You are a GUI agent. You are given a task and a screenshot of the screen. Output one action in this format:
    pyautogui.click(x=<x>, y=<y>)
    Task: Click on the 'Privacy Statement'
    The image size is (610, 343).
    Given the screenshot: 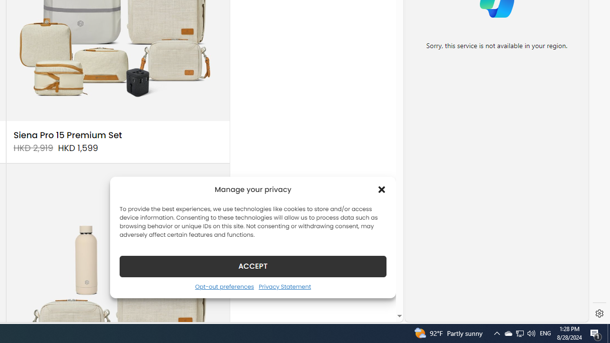 What is the action you would take?
    pyautogui.click(x=284, y=286)
    